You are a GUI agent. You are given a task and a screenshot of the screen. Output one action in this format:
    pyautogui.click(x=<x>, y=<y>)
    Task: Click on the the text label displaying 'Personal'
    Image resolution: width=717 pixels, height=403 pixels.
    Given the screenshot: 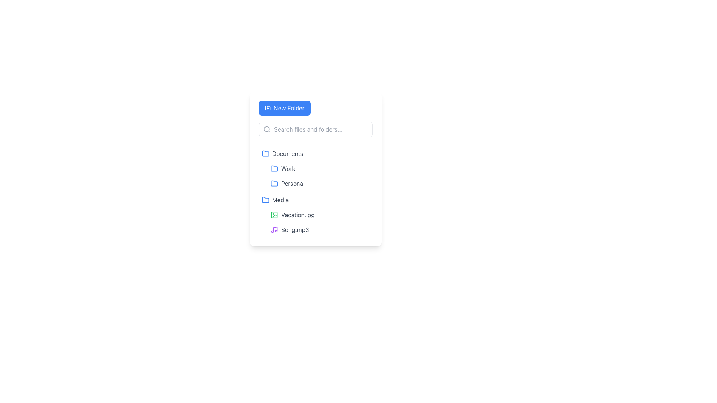 What is the action you would take?
    pyautogui.click(x=292, y=184)
    